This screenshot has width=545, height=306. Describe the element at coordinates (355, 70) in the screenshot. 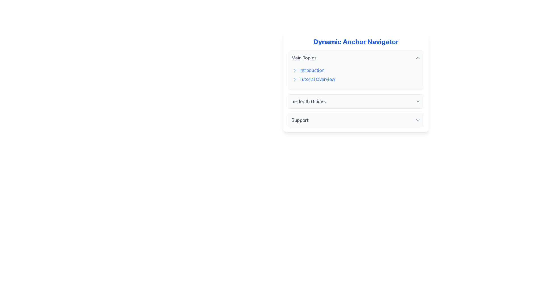

I see `the 'Main Topics' collapsible panel at the specified coordinates` at that location.